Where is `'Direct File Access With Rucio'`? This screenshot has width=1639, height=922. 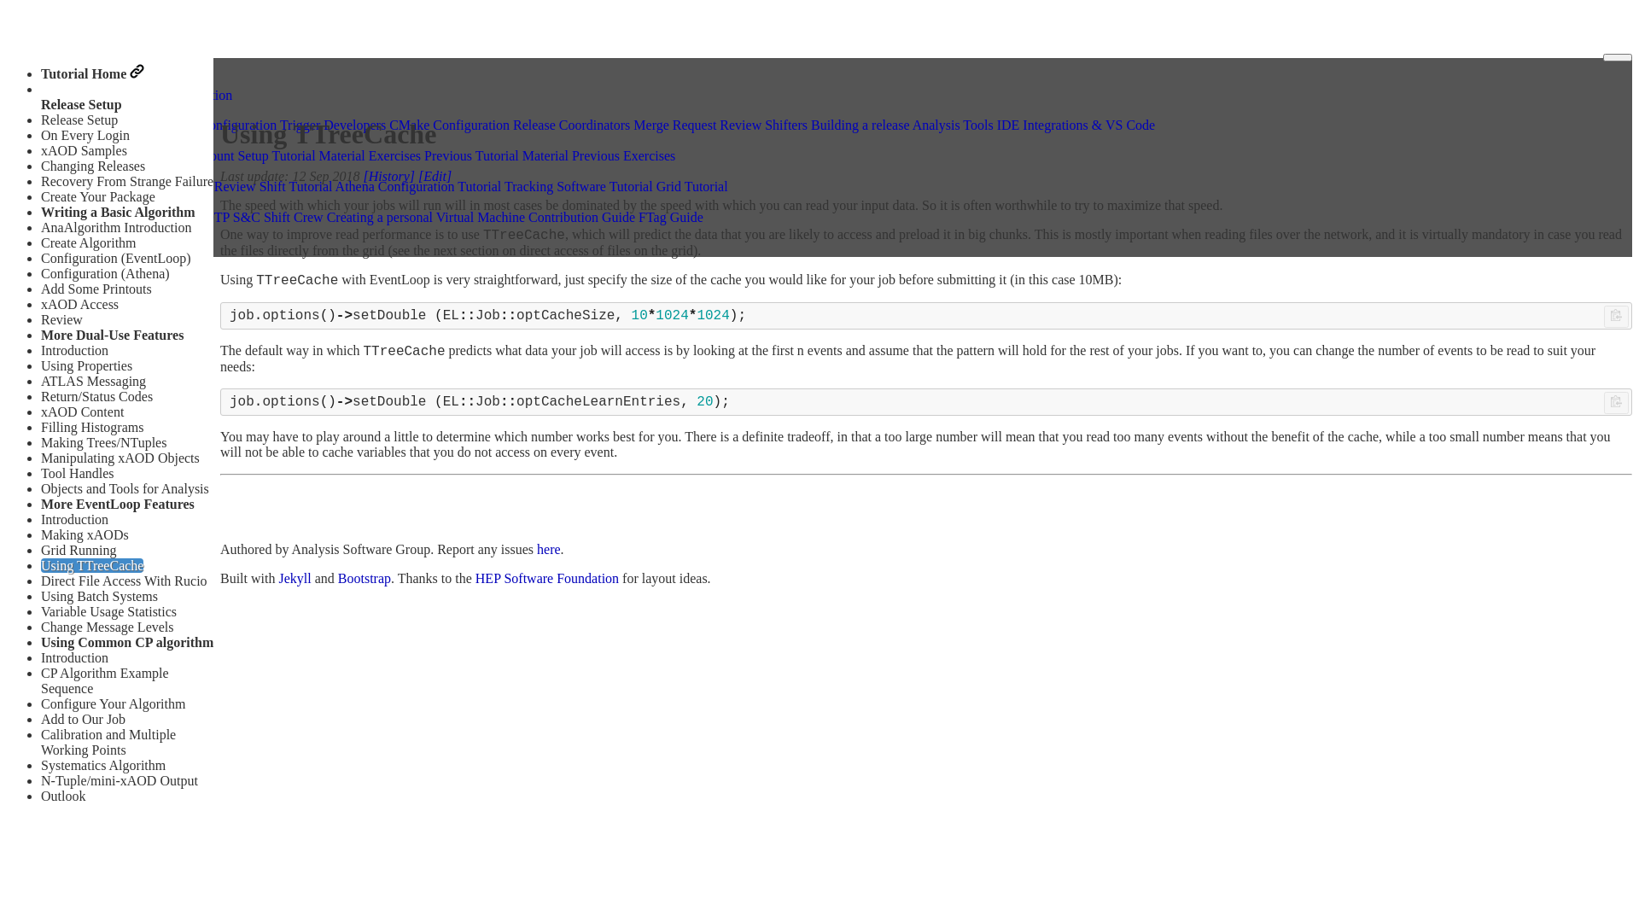 'Direct File Access With Rucio' is located at coordinates (123, 580).